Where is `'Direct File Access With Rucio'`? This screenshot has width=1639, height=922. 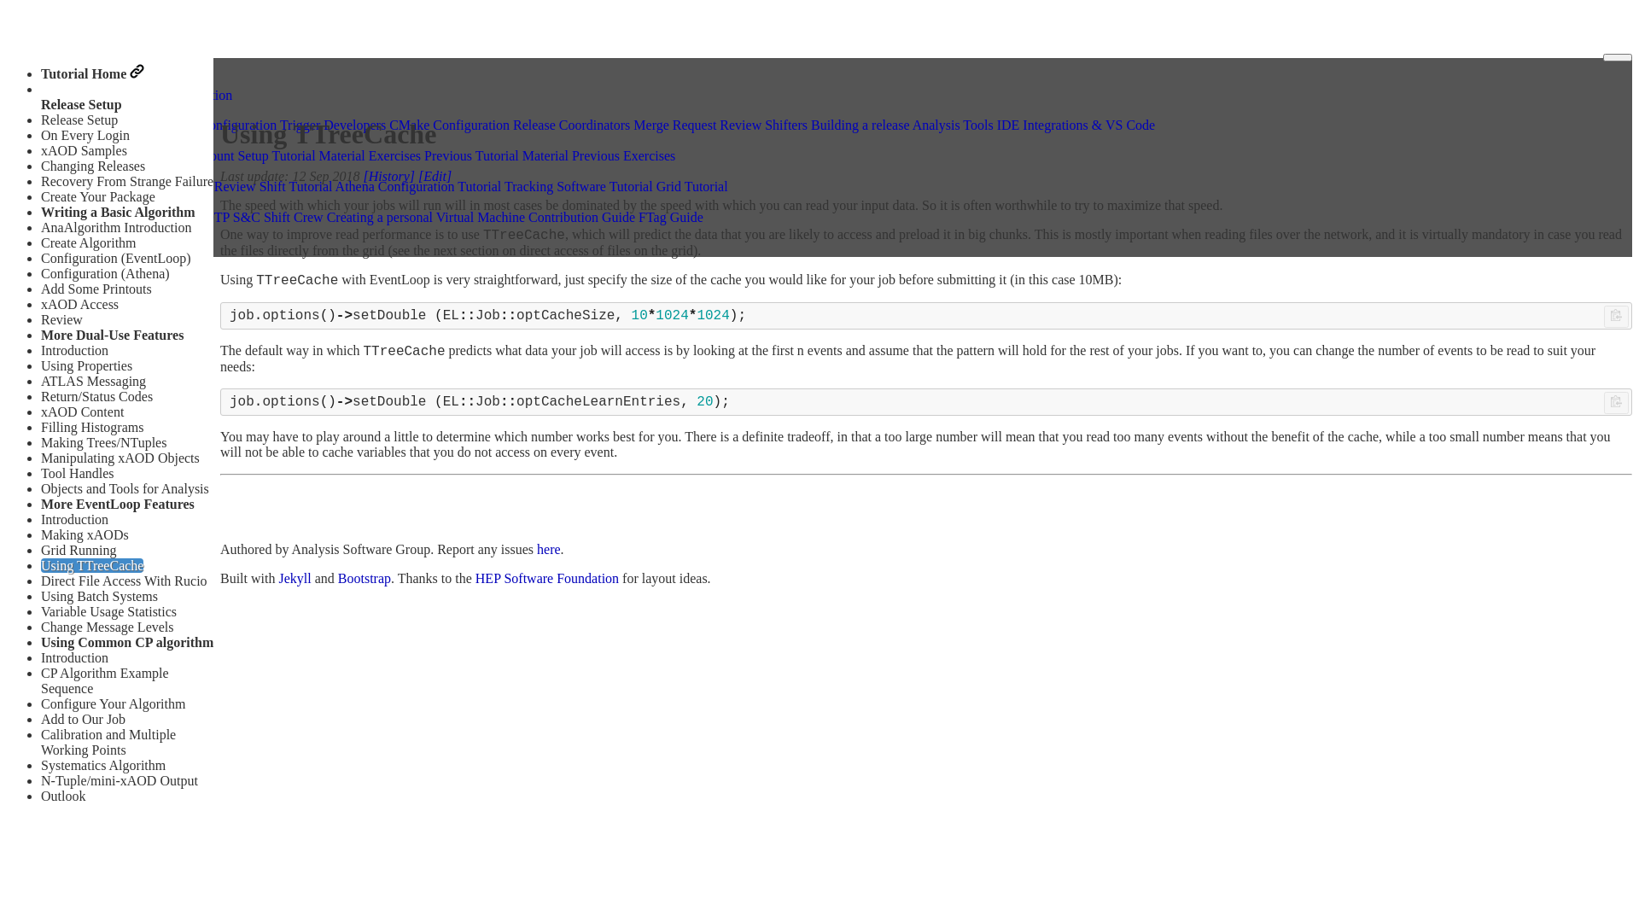 'Direct File Access With Rucio' is located at coordinates (123, 580).